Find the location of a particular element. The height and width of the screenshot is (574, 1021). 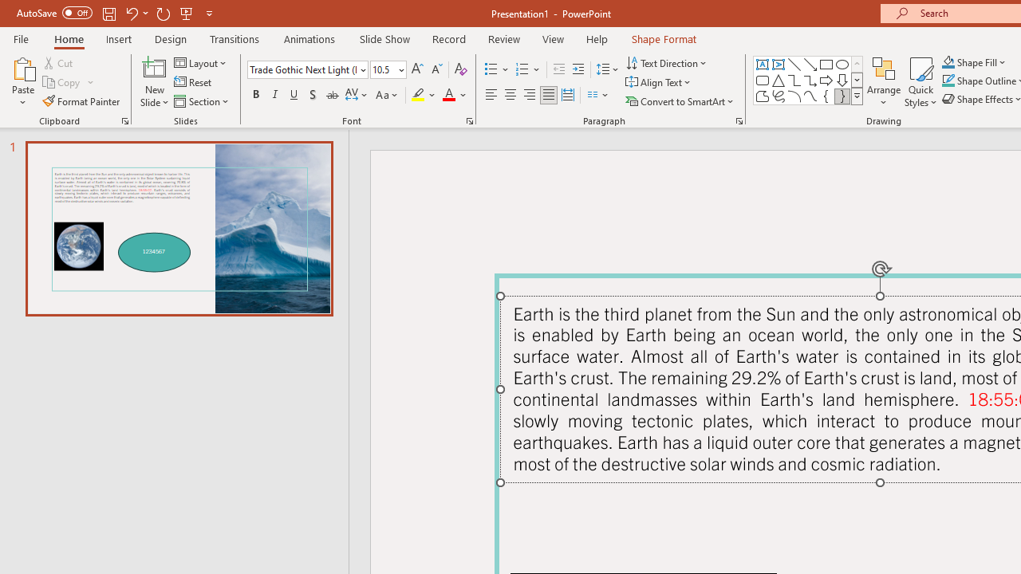

'Shapes' is located at coordinates (856, 96).